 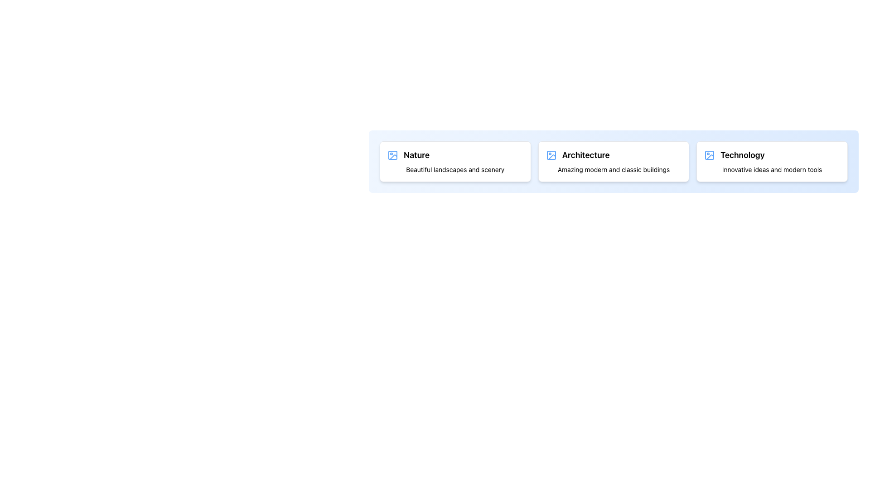 What do you see at coordinates (455, 161) in the screenshot?
I see `the 'Nature' category card, which is the leftmost card in a grid of three, indicating themes of 'Beautiful landscapes and scenery'` at bounding box center [455, 161].